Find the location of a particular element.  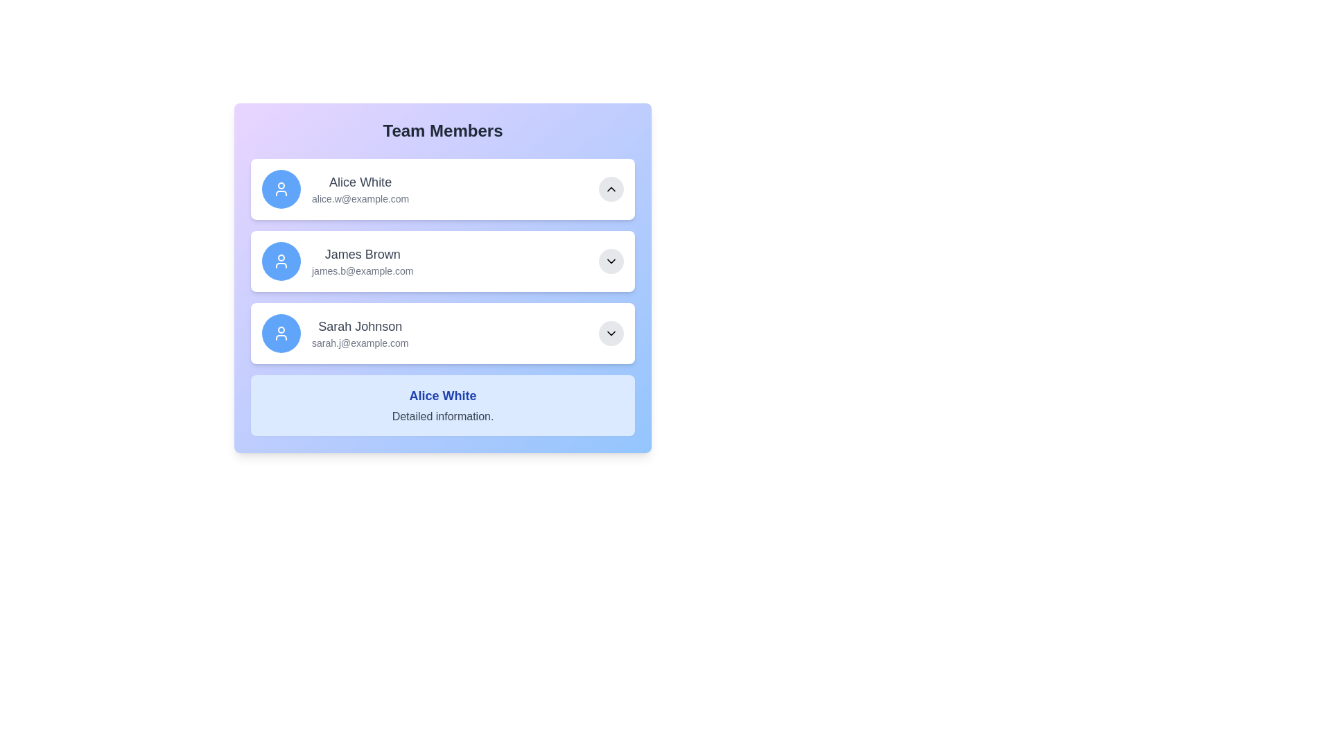

the text element displaying 'James Brown' and 'james.b@example.com' is located at coordinates (363, 261).